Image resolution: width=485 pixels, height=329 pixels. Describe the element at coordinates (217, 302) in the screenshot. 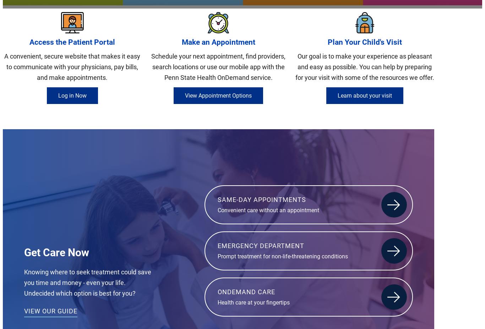

I see `'Health care at your fingertips'` at that location.